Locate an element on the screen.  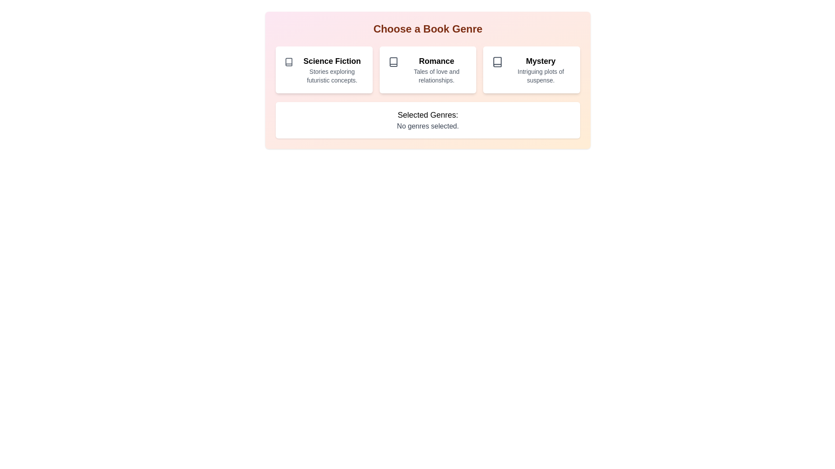
text label displaying 'Romance' which is styled in bold and slightly larger text, located in the center card of a genre selection layout is located at coordinates (436, 61).